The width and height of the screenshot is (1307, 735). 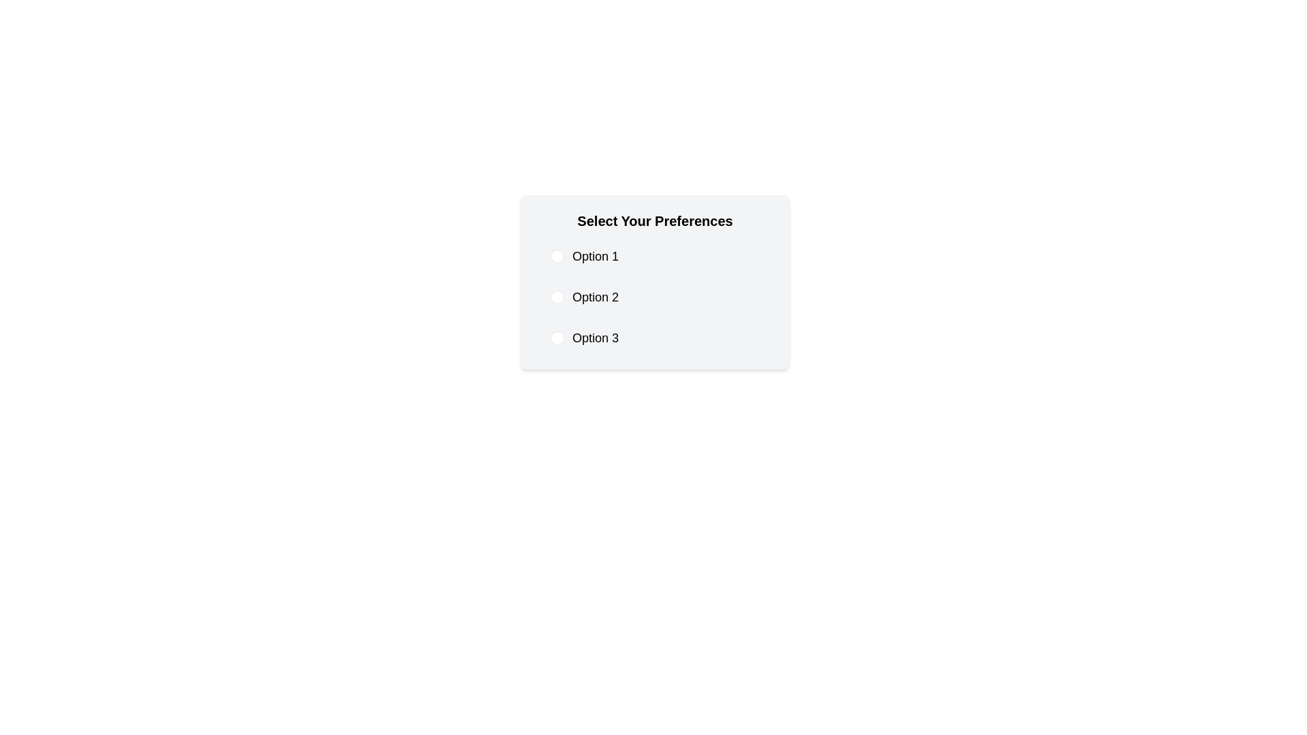 I want to click on text labeled 'Option 1' which is styled with a larger font size and is part of the first option in the 'Select Your Preferences' list, aligned horizontally with the circular checkbox, so click(x=595, y=257).